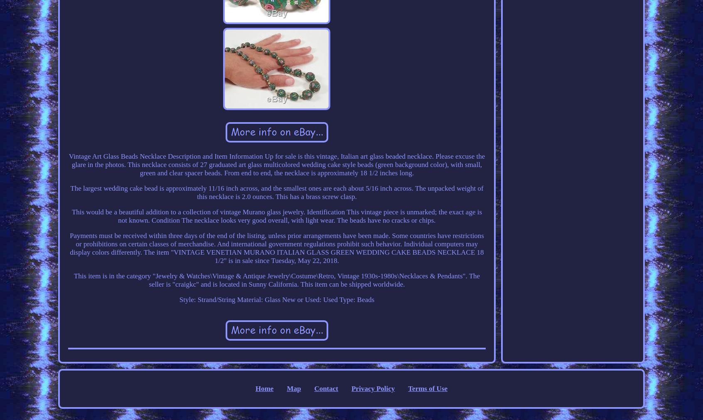  I want to click on 'Payments must be received within three days of the end of the listing, unless prior arrangements have been made. Some countries have restrictions or prohibitions on certain classes of merchandise. And international government regulations prohibit such behavior. Individual computers may display colors differently. The item "VINTAGE VENETIAN MURANO ITALIAN GLASS GREEN WEDDING CAKE BEADS NECKLACE 18 1/2" is in sale since Tuesday, May 22, 2018.', so click(276, 248).